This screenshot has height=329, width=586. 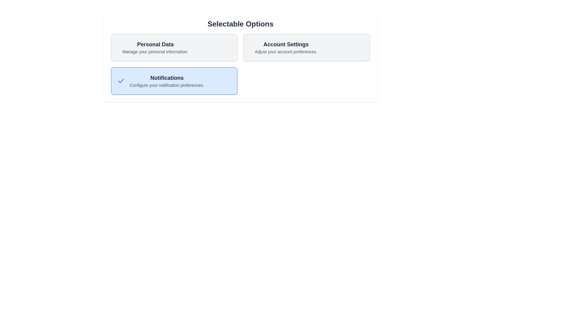 I want to click on the bold text label displaying 'Notifications' which is centrally located within its card, against a light blue background, so click(x=167, y=77).